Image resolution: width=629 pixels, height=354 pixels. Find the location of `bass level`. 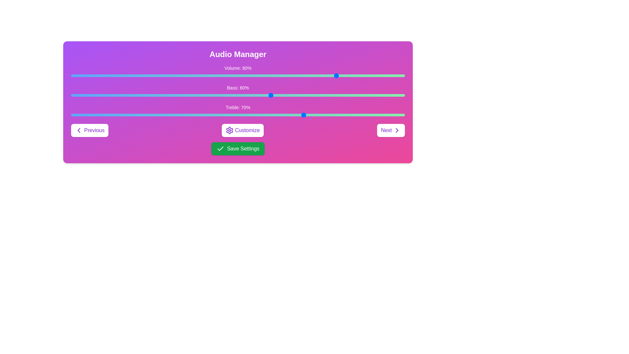

bass level is located at coordinates (294, 95).